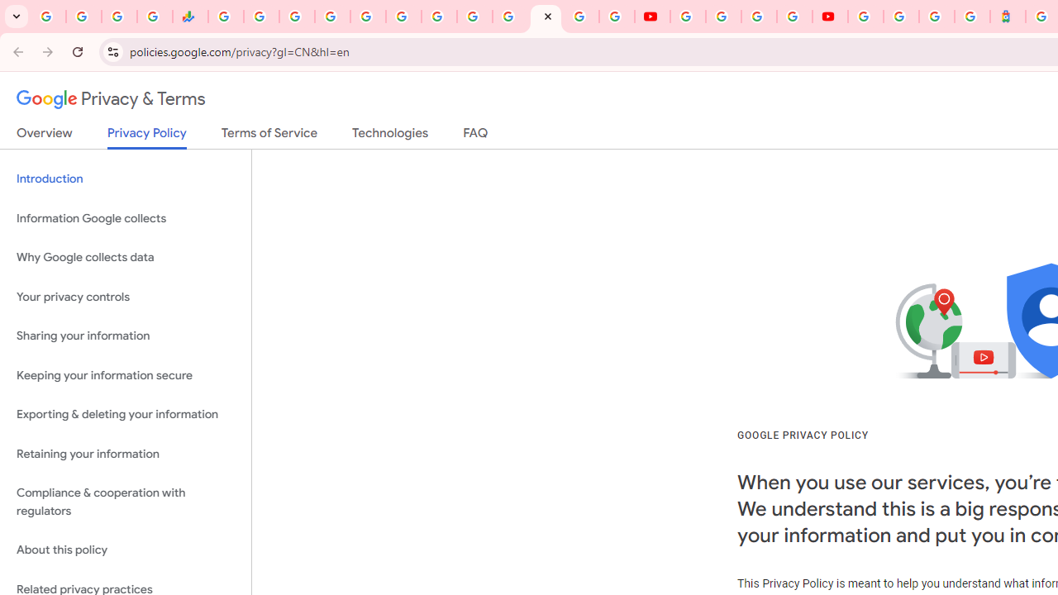  Describe the element at coordinates (900, 17) in the screenshot. I see `'Sign in - Google Accounts'` at that location.